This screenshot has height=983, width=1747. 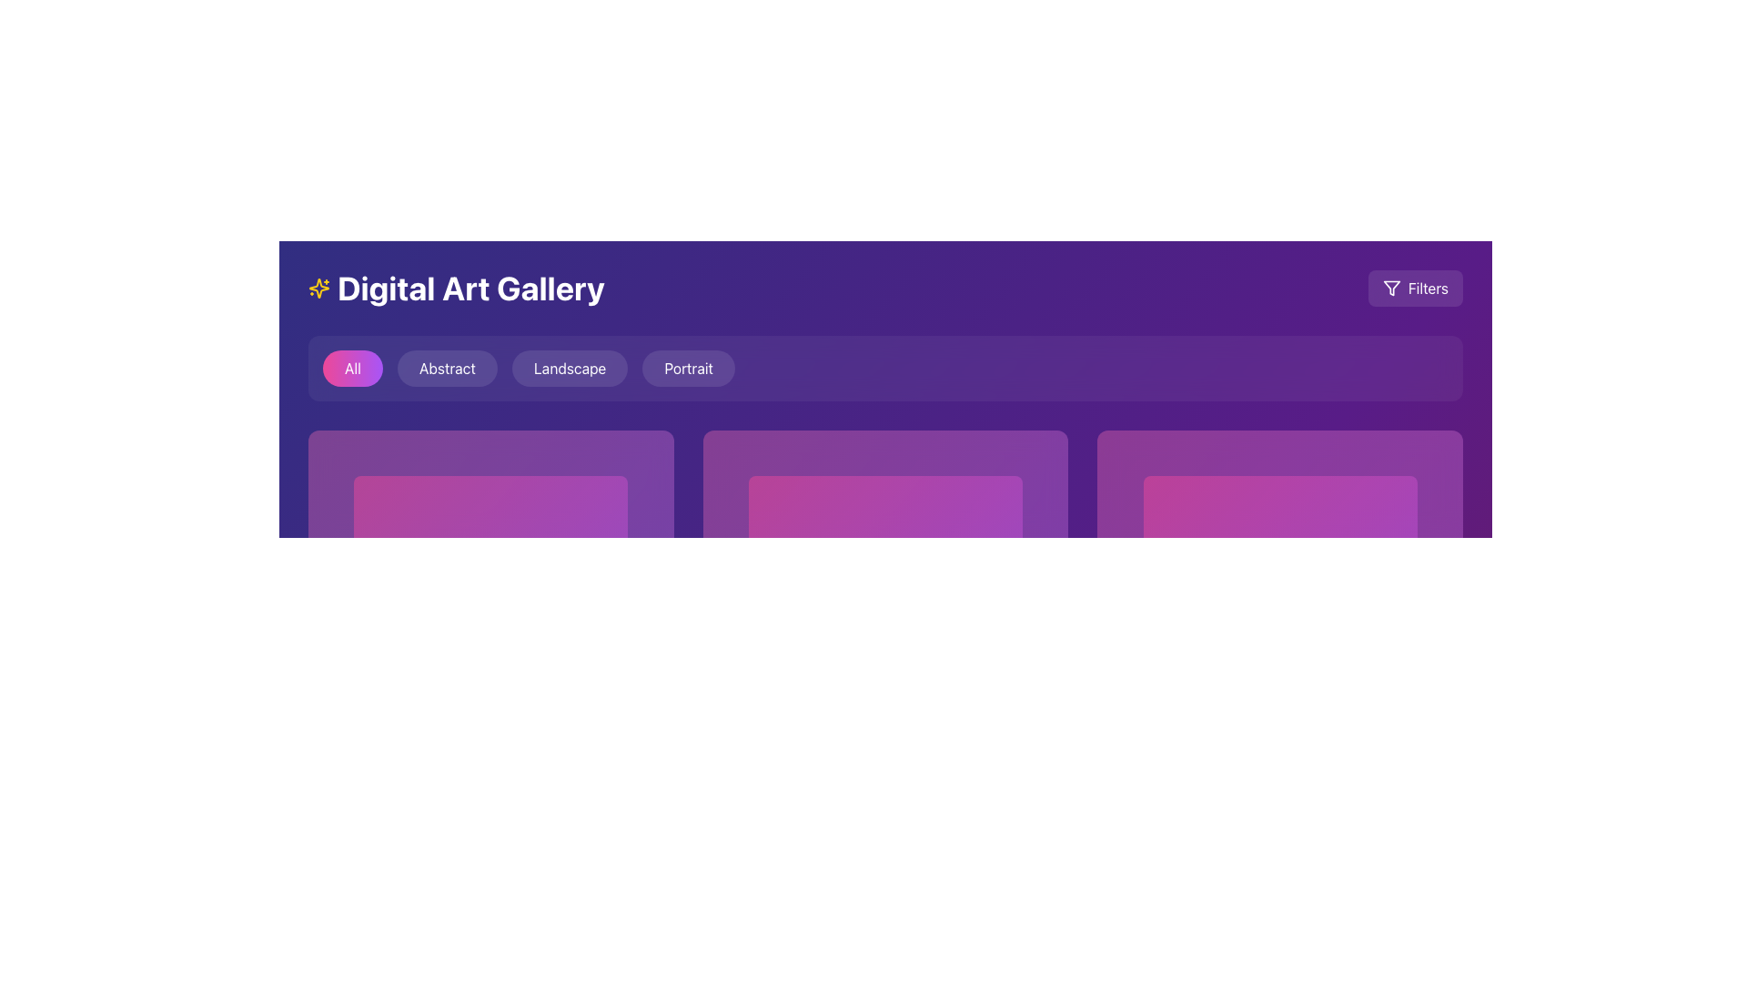 What do you see at coordinates (885, 613) in the screenshot?
I see `the gradient-filled rounded rectangle component that transitions from pink to purple, which is semi-transparent and becomes less transparent on hover` at bounding box center [885, 613].